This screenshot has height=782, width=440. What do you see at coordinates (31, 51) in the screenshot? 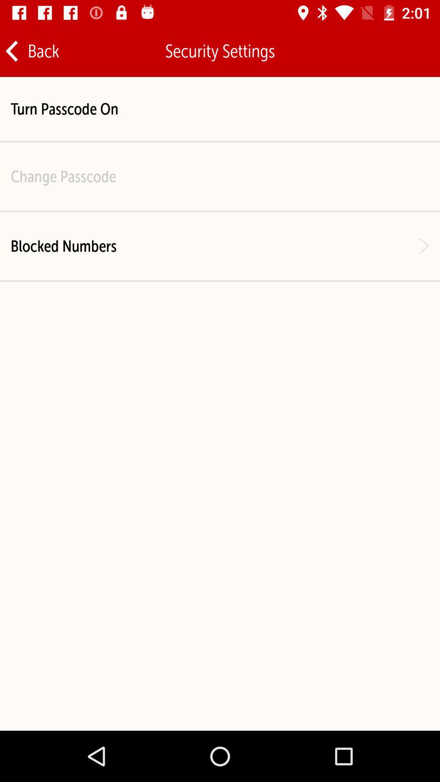
I see `the item next to security settings icon` at bounding box center [31, 51].